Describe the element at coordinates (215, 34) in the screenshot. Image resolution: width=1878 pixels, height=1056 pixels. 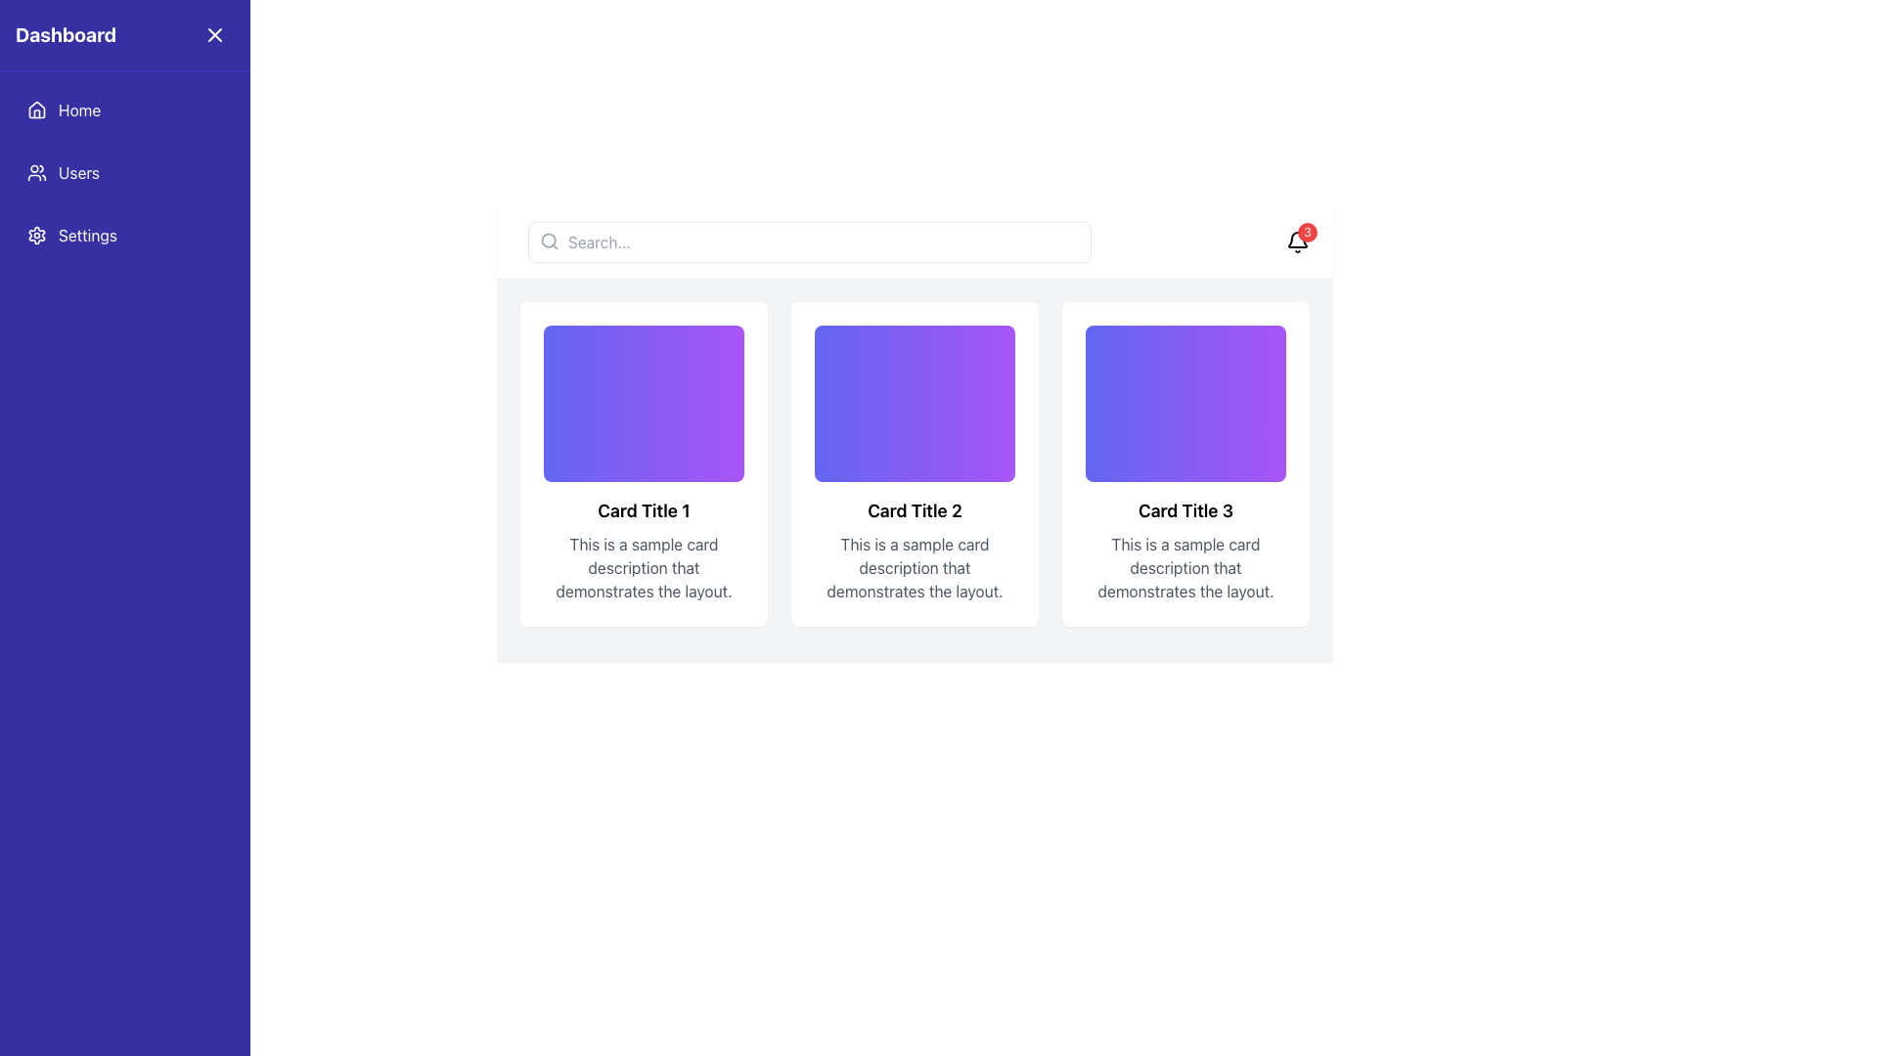
I see `the close button represented by a diagonal cross icon (SVG graphic) located at the top left corner of the interface, adjacent to the 'Dashboard' label` at that location.